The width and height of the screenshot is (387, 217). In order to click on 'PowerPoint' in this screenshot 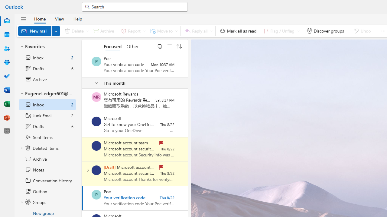, I will do `click(7, 118)`.